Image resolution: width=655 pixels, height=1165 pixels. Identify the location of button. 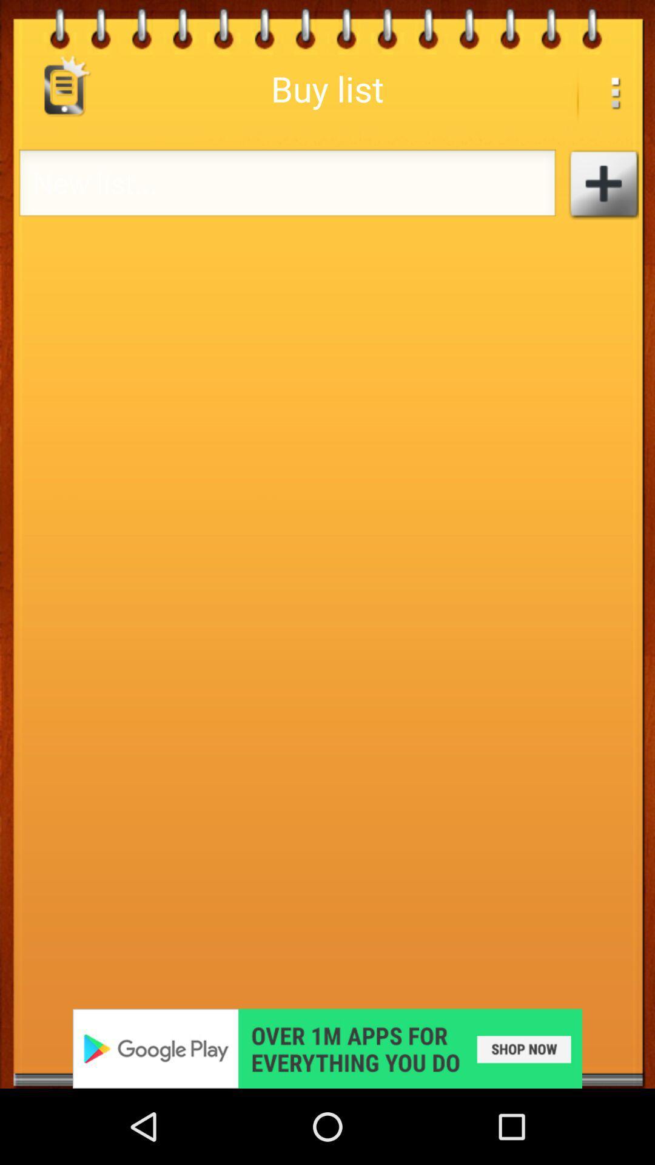
(603, 183).